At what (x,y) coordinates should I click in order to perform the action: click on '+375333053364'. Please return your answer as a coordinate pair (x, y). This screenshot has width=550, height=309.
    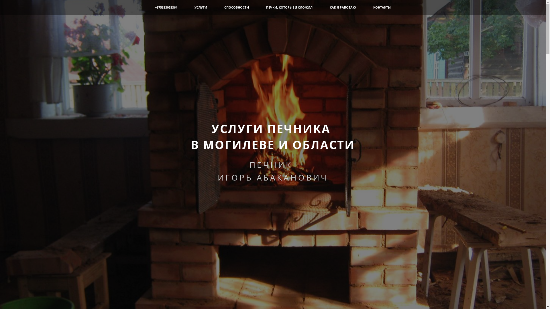
    Looking at the image, I should click on (155, 7).